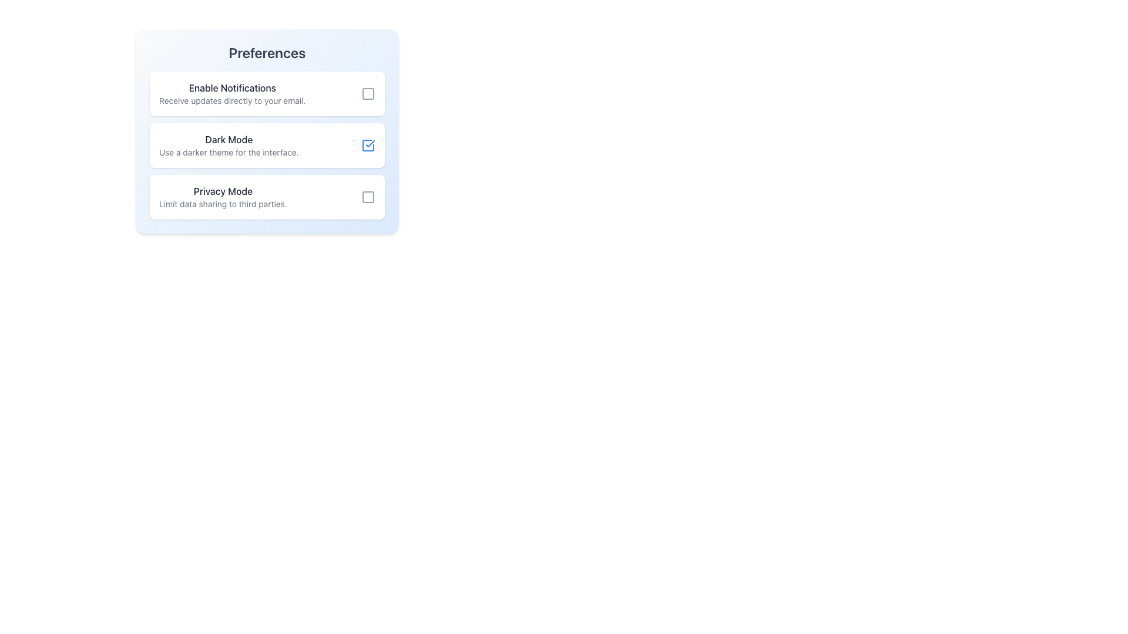 The image size is (1128, 634). What do you see at coordinates (368, 144) in the screenshot?
I see `the checkbox with a blue border and a checkmark symbol located in the 'Dark Mode' section of the preferences panel` at bounding box center [368, 144].